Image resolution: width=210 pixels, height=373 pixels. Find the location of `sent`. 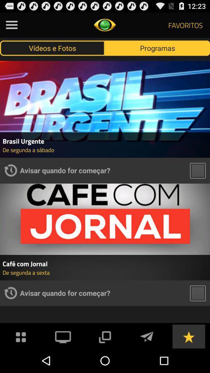

sent is located at coordinates (147, 336).